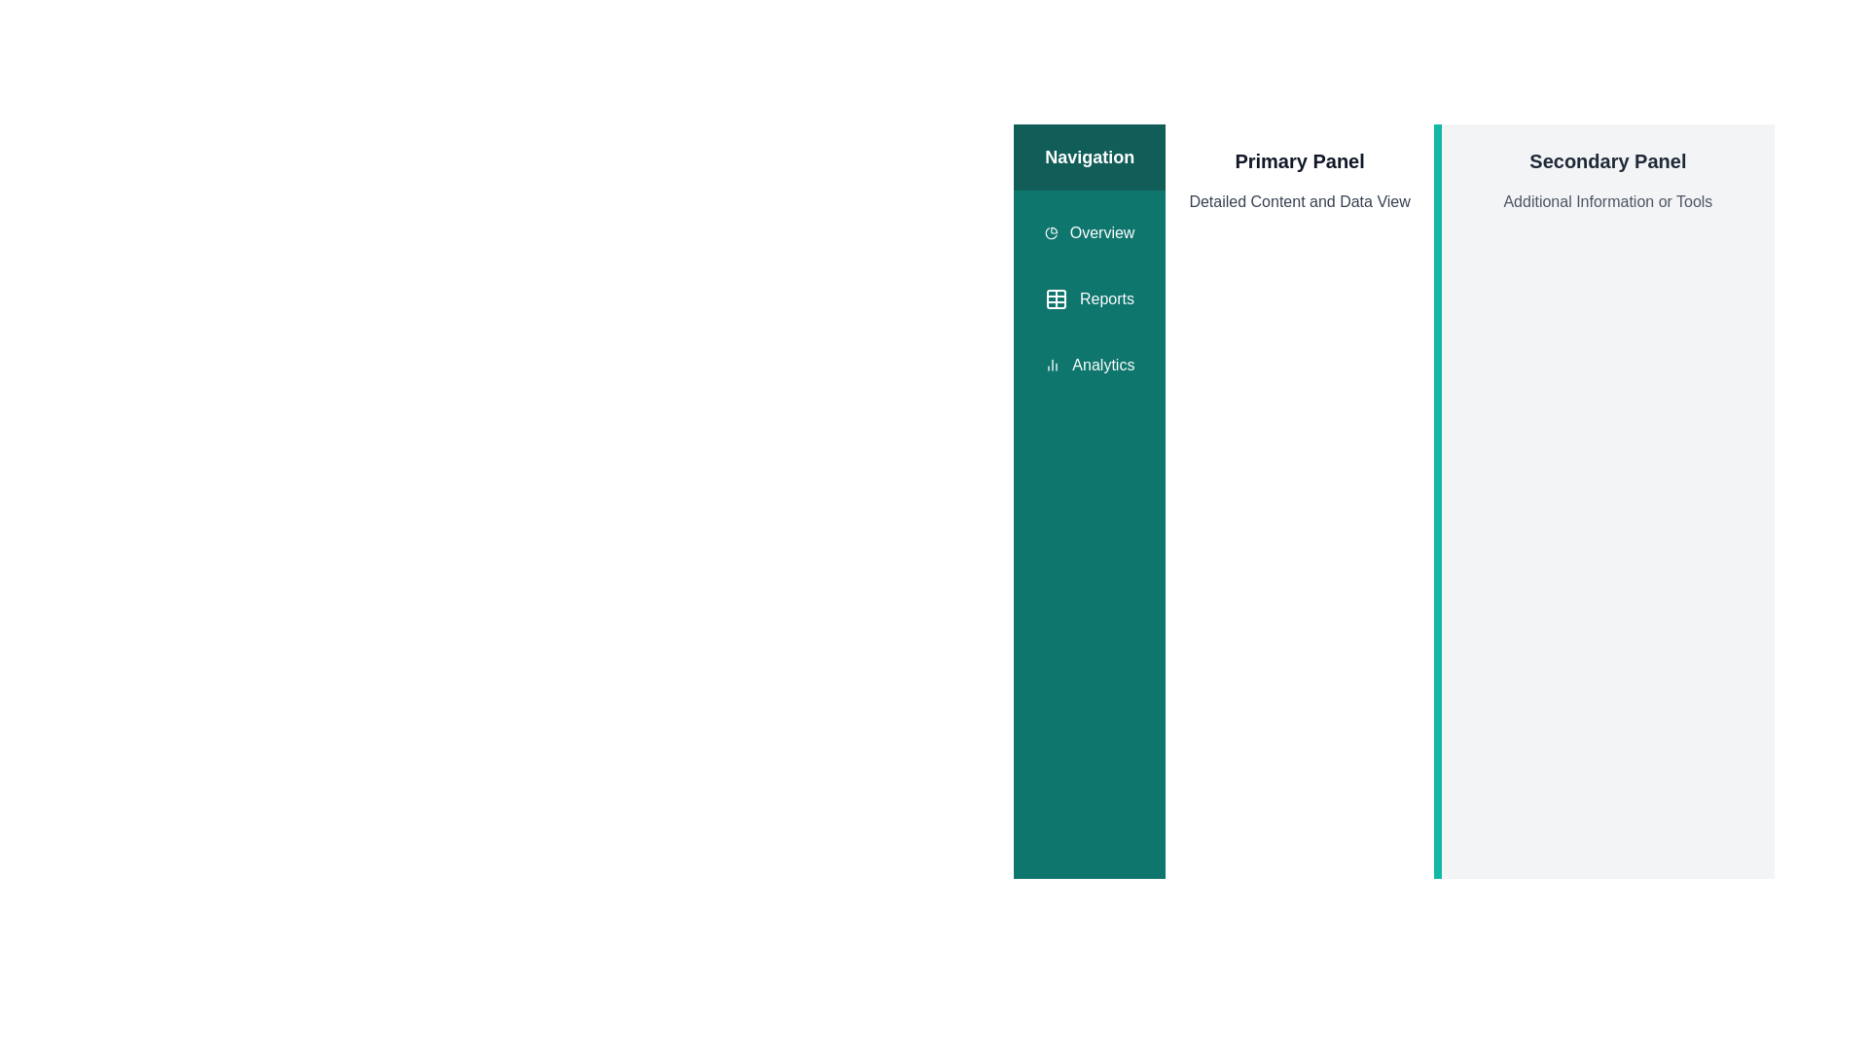 This screenshot has width=1868, height=1050. What do you see at coordinates (1090, 231) in the screenshot?
I see `the navigation button that directs to the 'Overview' section, located at the top of the left-hand sidebar` at bounding box center [1090, 231].